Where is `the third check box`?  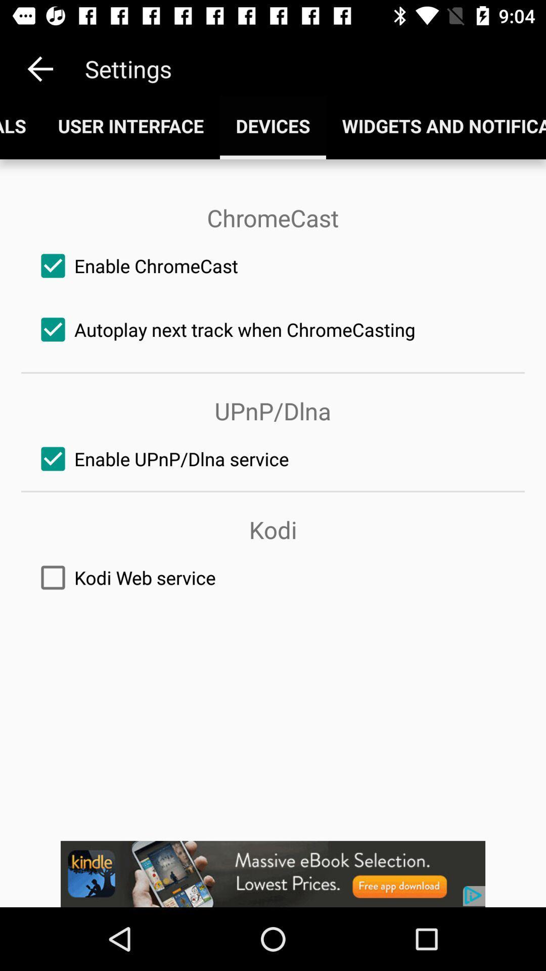 the third check box is located at coordinates (273, 458).